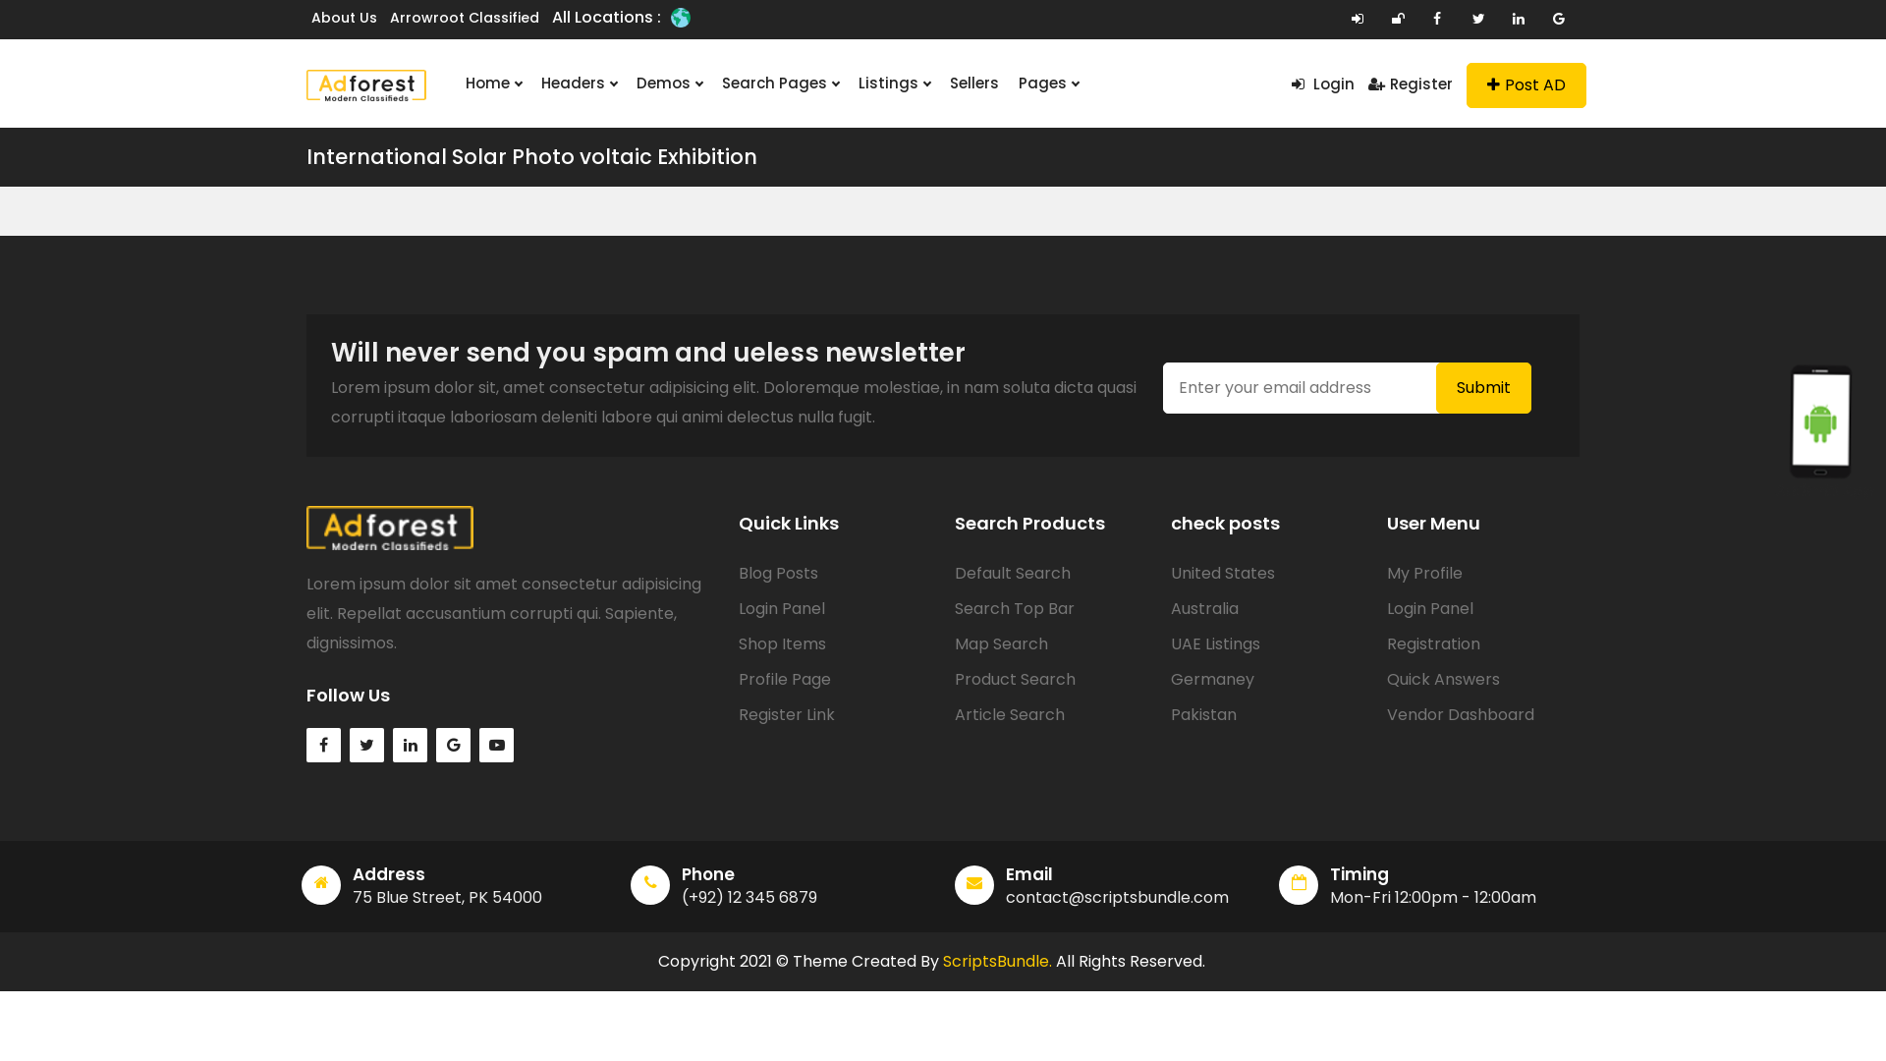 This screenshot has height=1061, width=1886. I want to click on 'About Us', so click(344, 18).